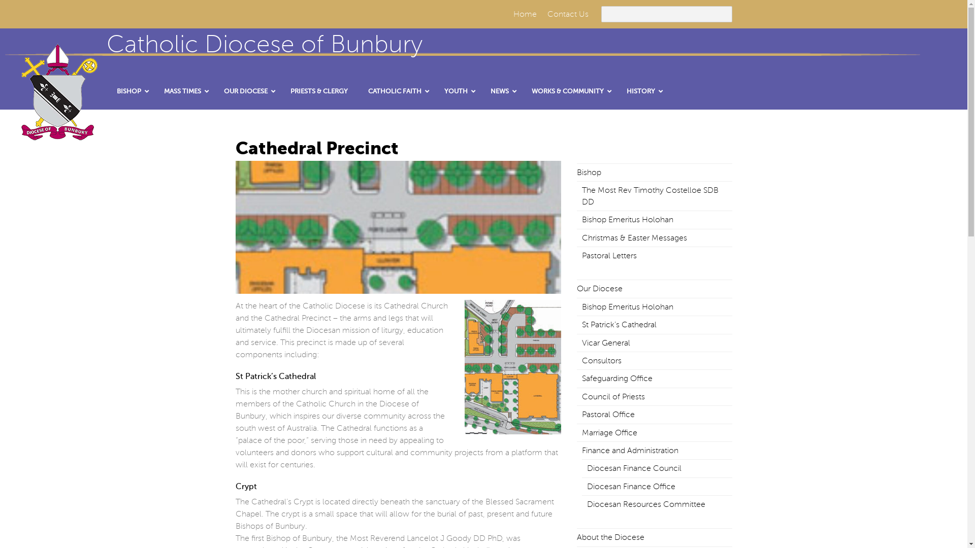  What do you see at coordinates (645, 504) in the screenshot?
I see `'Diocesan Resources Committee'` at bounding box center [645, 504].